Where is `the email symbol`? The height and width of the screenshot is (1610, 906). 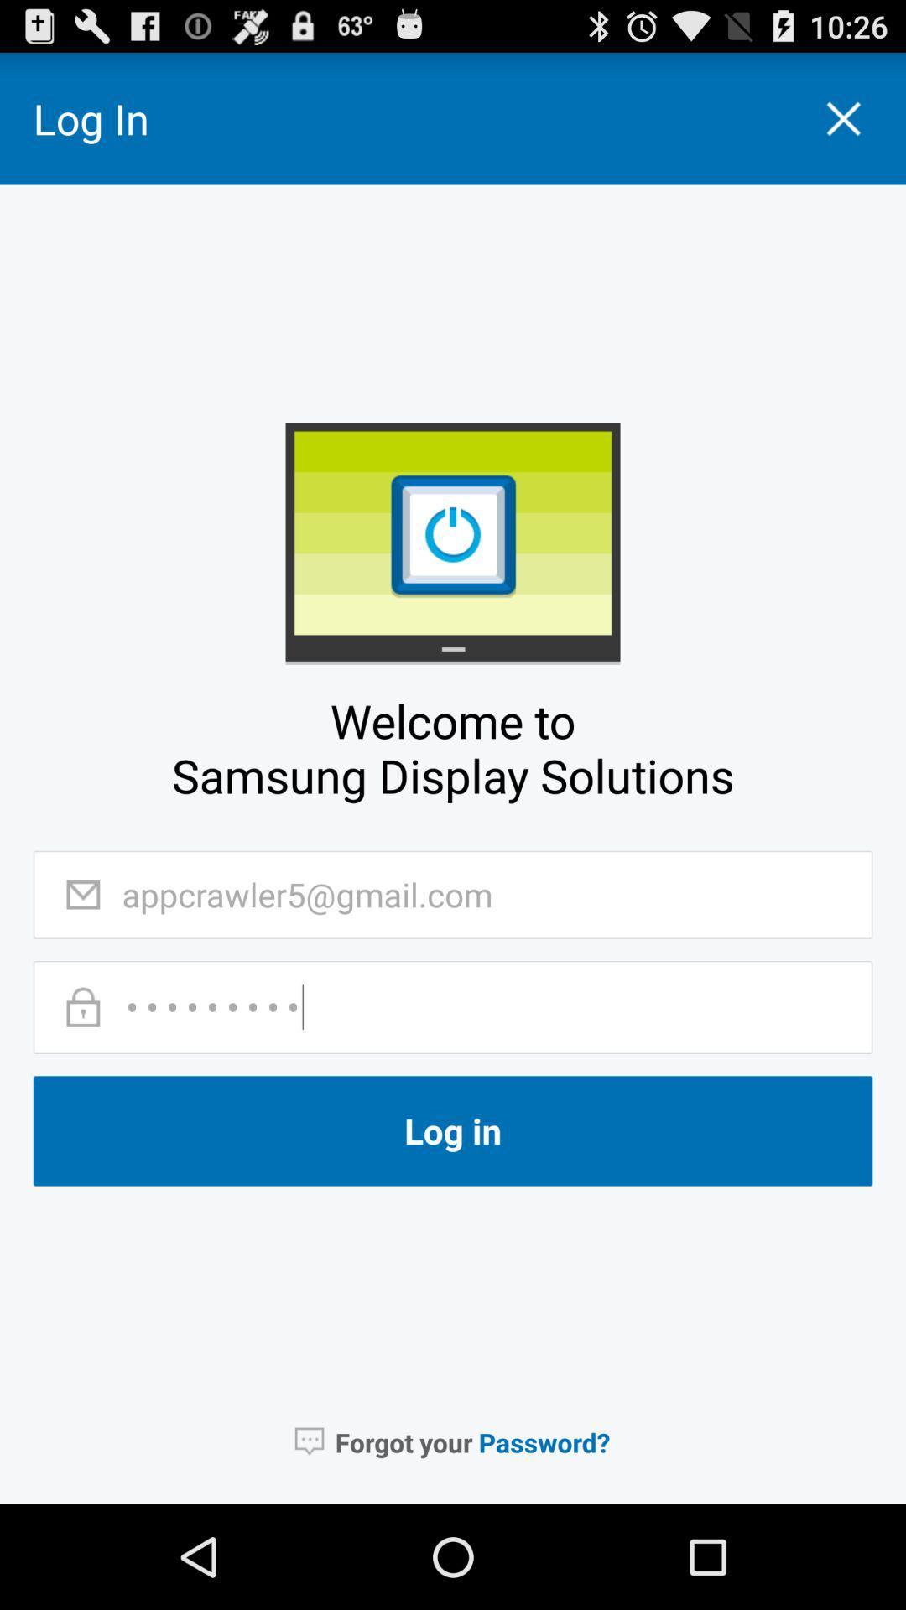
the email symbol is located at coordinates (83, 894).